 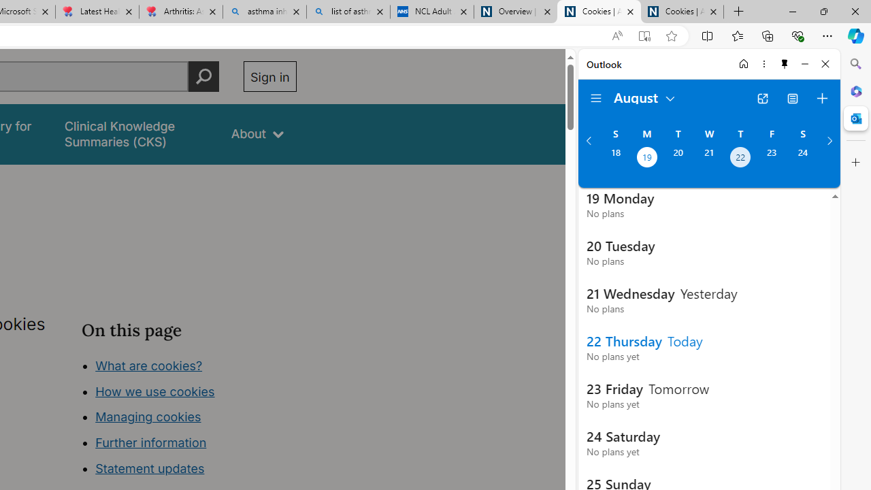 What do you see at coordinates (793, 98) in the screenshot?
I see `'View Switcher. Current view is Agenda view'` at bounding box center [793, 98].